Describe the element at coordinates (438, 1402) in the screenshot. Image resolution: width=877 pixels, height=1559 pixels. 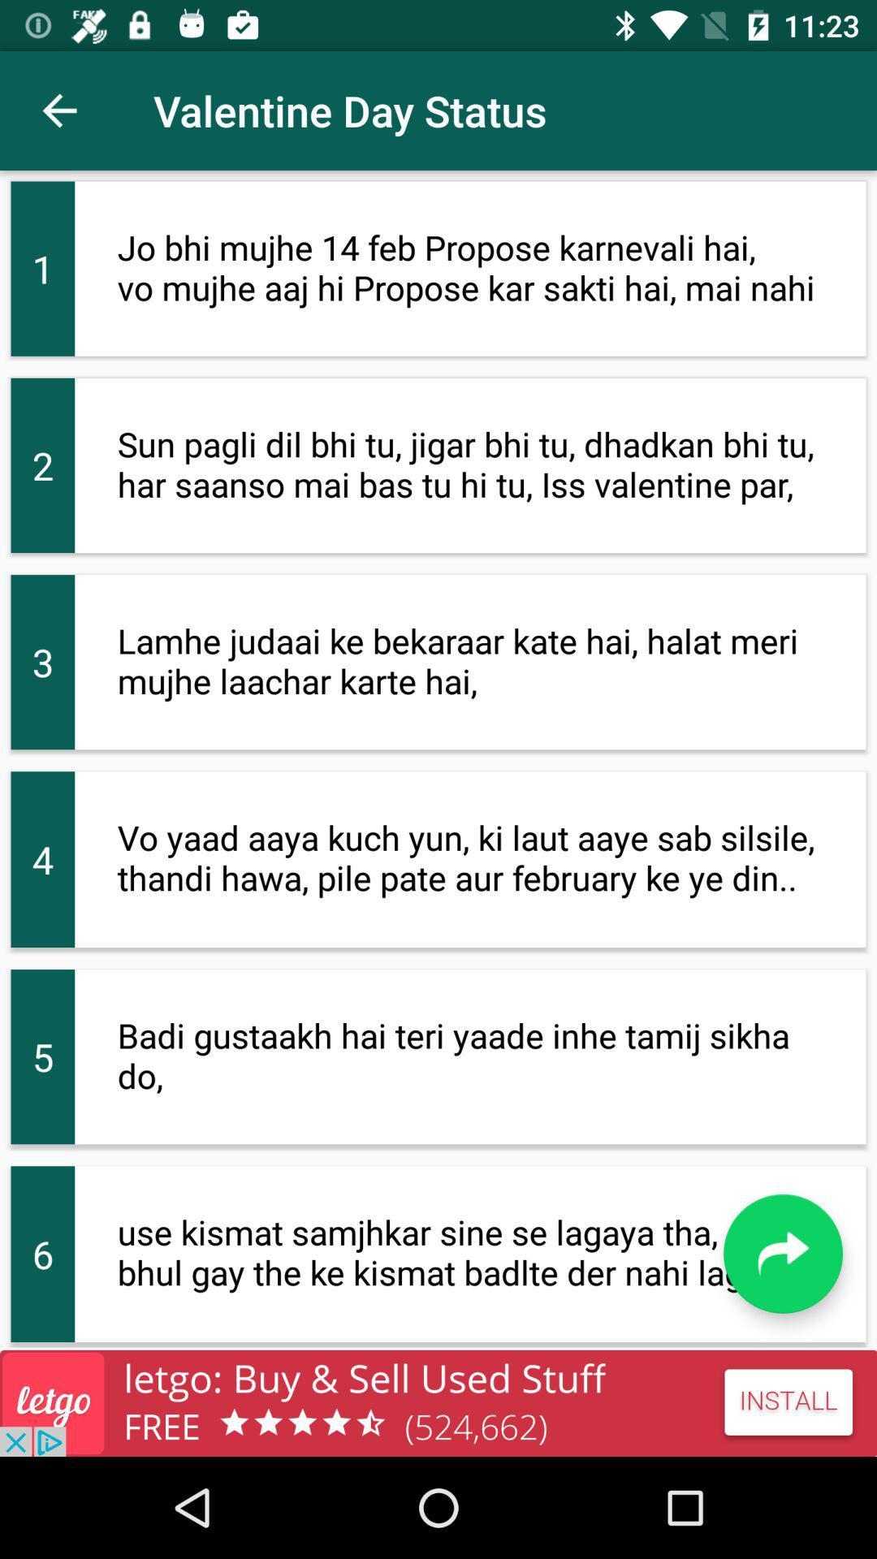
I see `advertisement page` at that location.